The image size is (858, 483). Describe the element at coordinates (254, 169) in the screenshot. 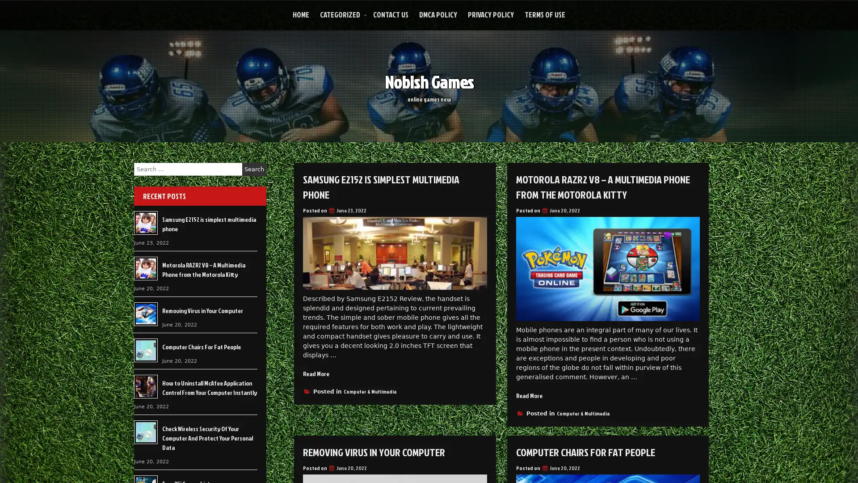

I see `Search` at that location.